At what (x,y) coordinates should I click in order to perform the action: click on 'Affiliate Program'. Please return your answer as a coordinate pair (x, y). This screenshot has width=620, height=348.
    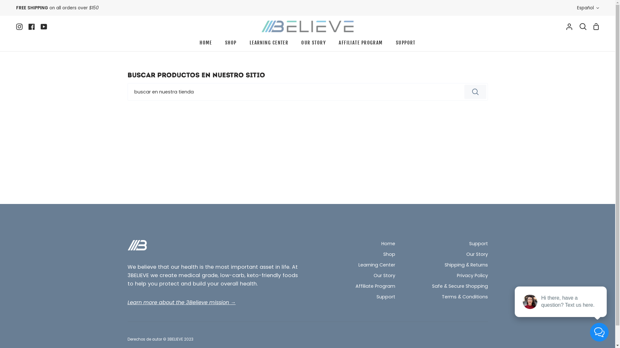
    Looking at the image, I should click on (375, 286).